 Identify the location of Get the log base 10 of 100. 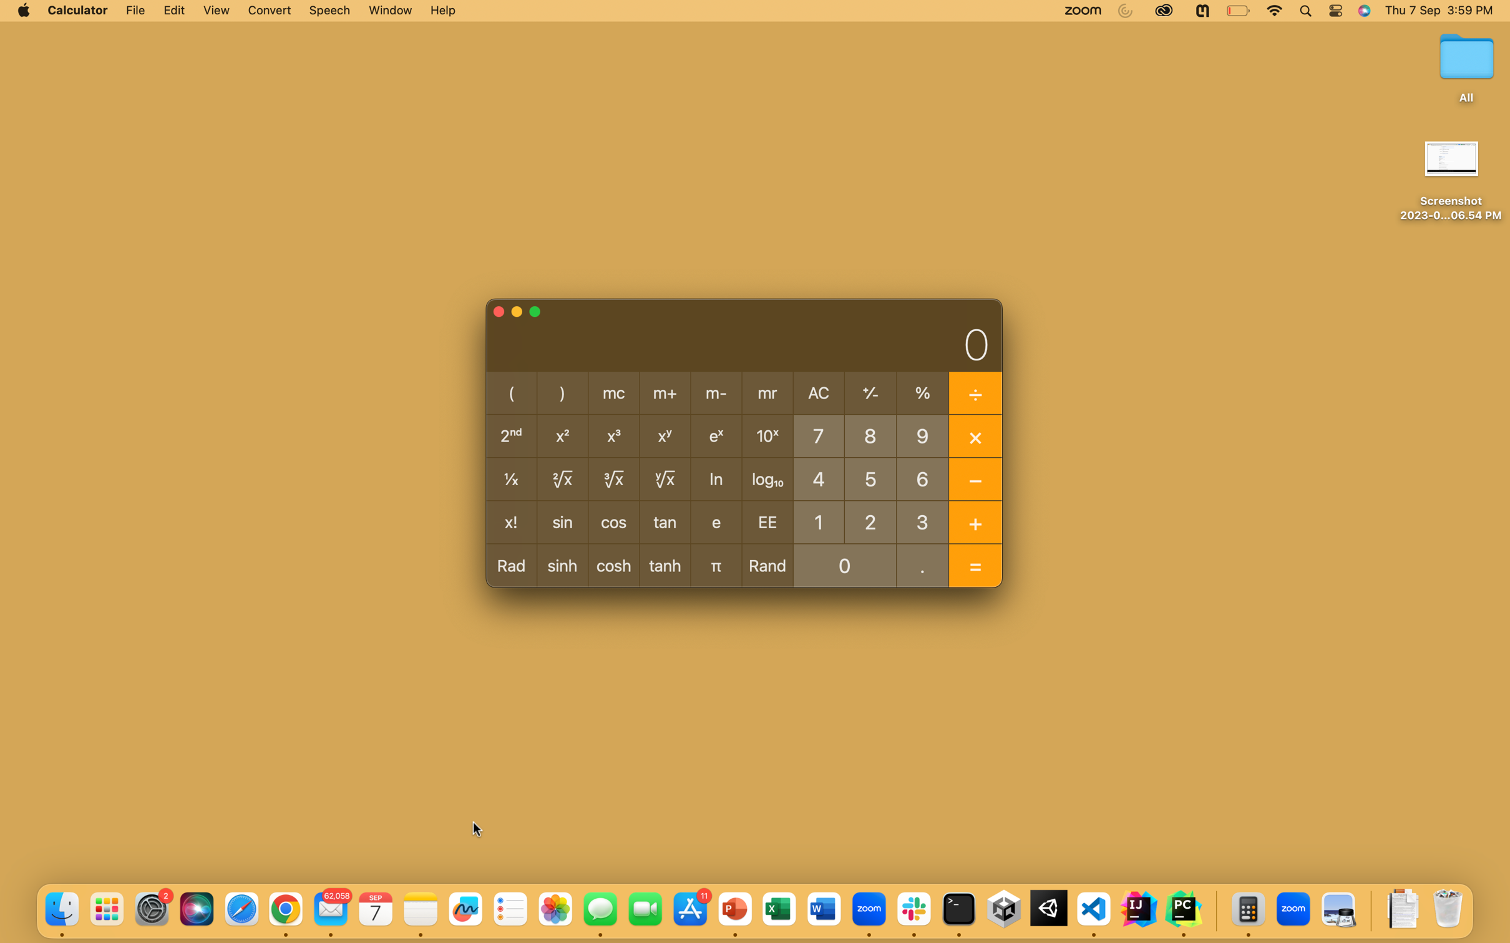
(818, 521).